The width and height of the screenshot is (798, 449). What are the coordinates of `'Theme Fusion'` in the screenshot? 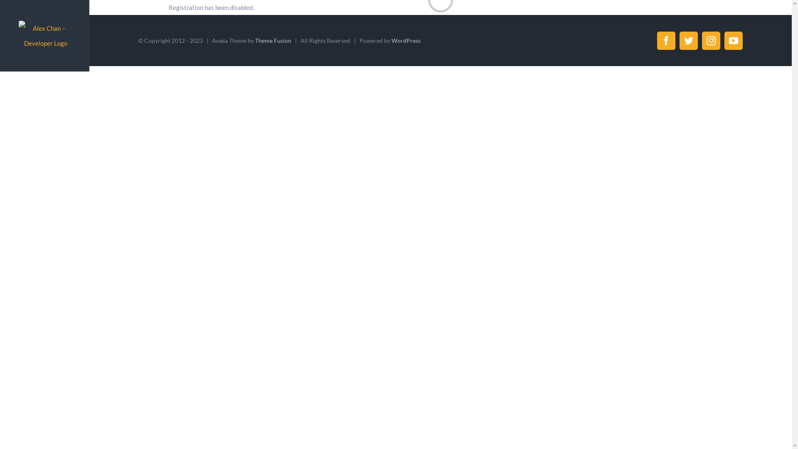 It's located at (273, 40).